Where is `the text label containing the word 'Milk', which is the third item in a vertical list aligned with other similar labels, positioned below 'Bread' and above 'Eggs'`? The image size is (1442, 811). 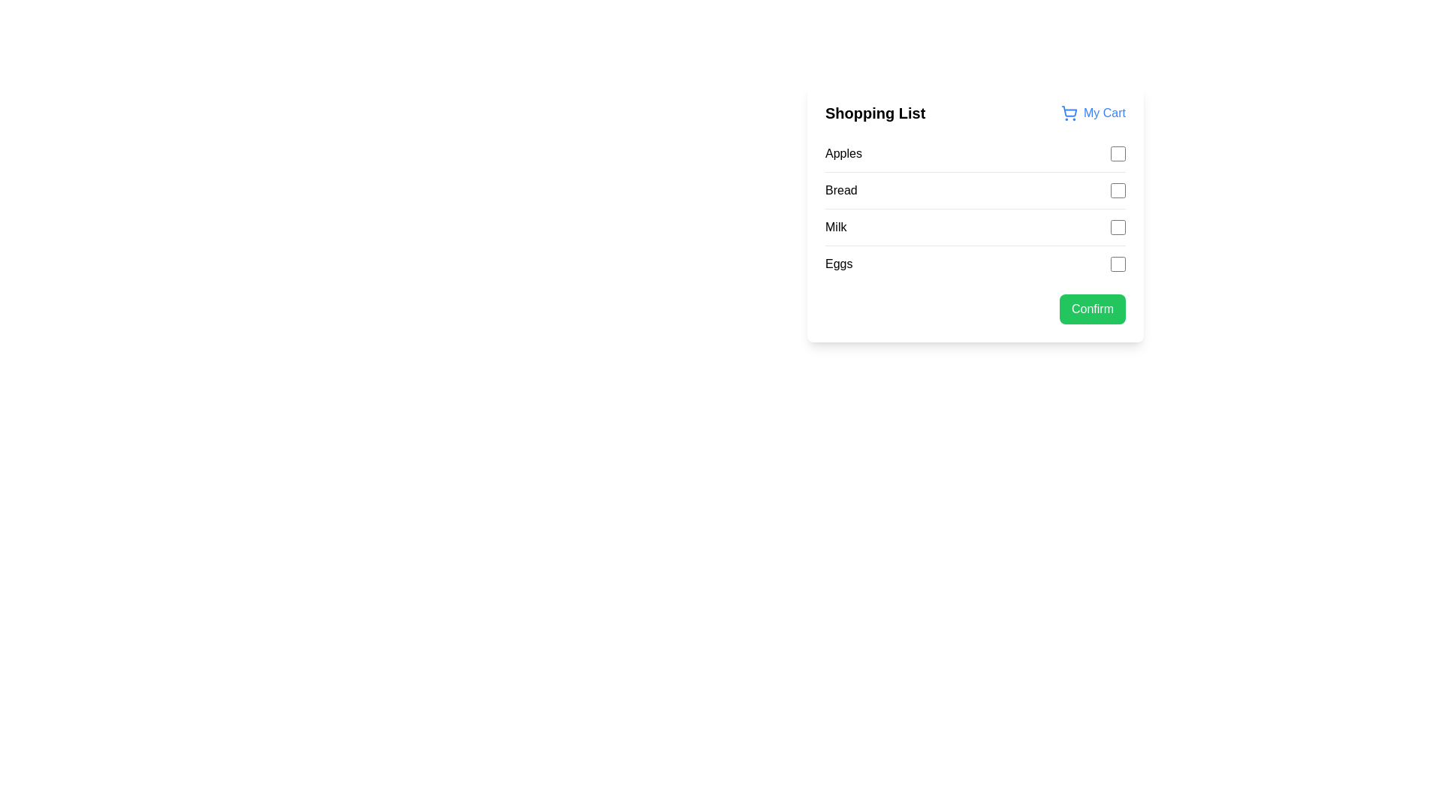 the text label containing the word 'Milk', which is the third item in a vertical list aligned with other similar labels, positioned below 'Bread' and above 'Eggs' is located at coordinates (835, 228).